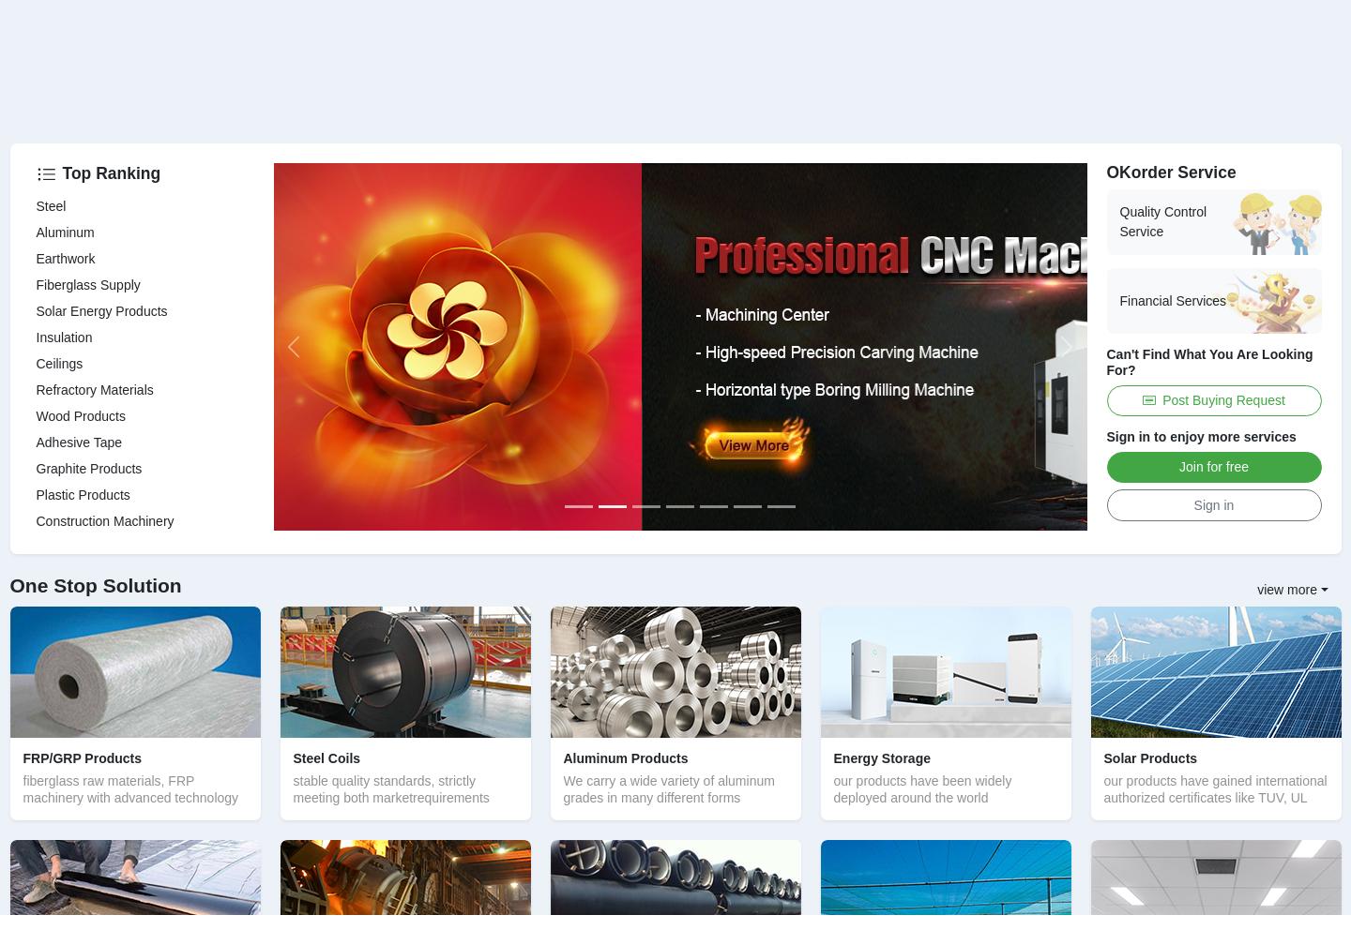  What do you see at coordinates (676, 491) in the screenshot?
I see `'85g/m Fiberglass Mesh Marble Net for Buildings'` at bounding box center [676, 491].